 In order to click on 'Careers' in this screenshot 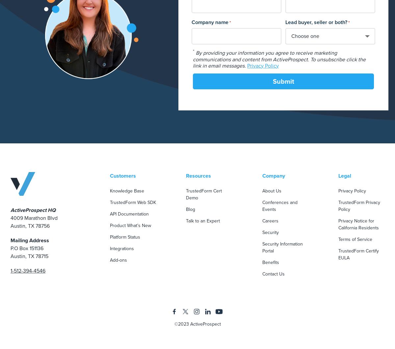, I will do `click(270, 220)`.